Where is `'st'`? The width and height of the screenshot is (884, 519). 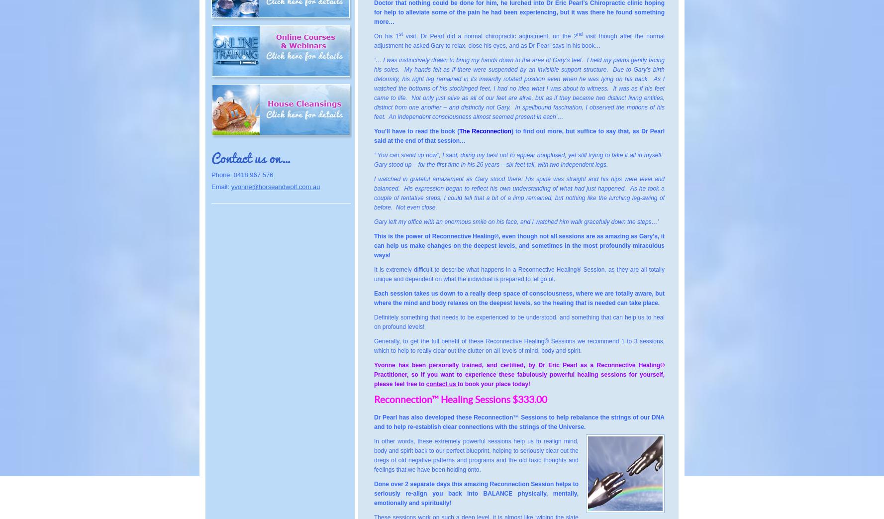 'st' is located at coordinates (400, 33).